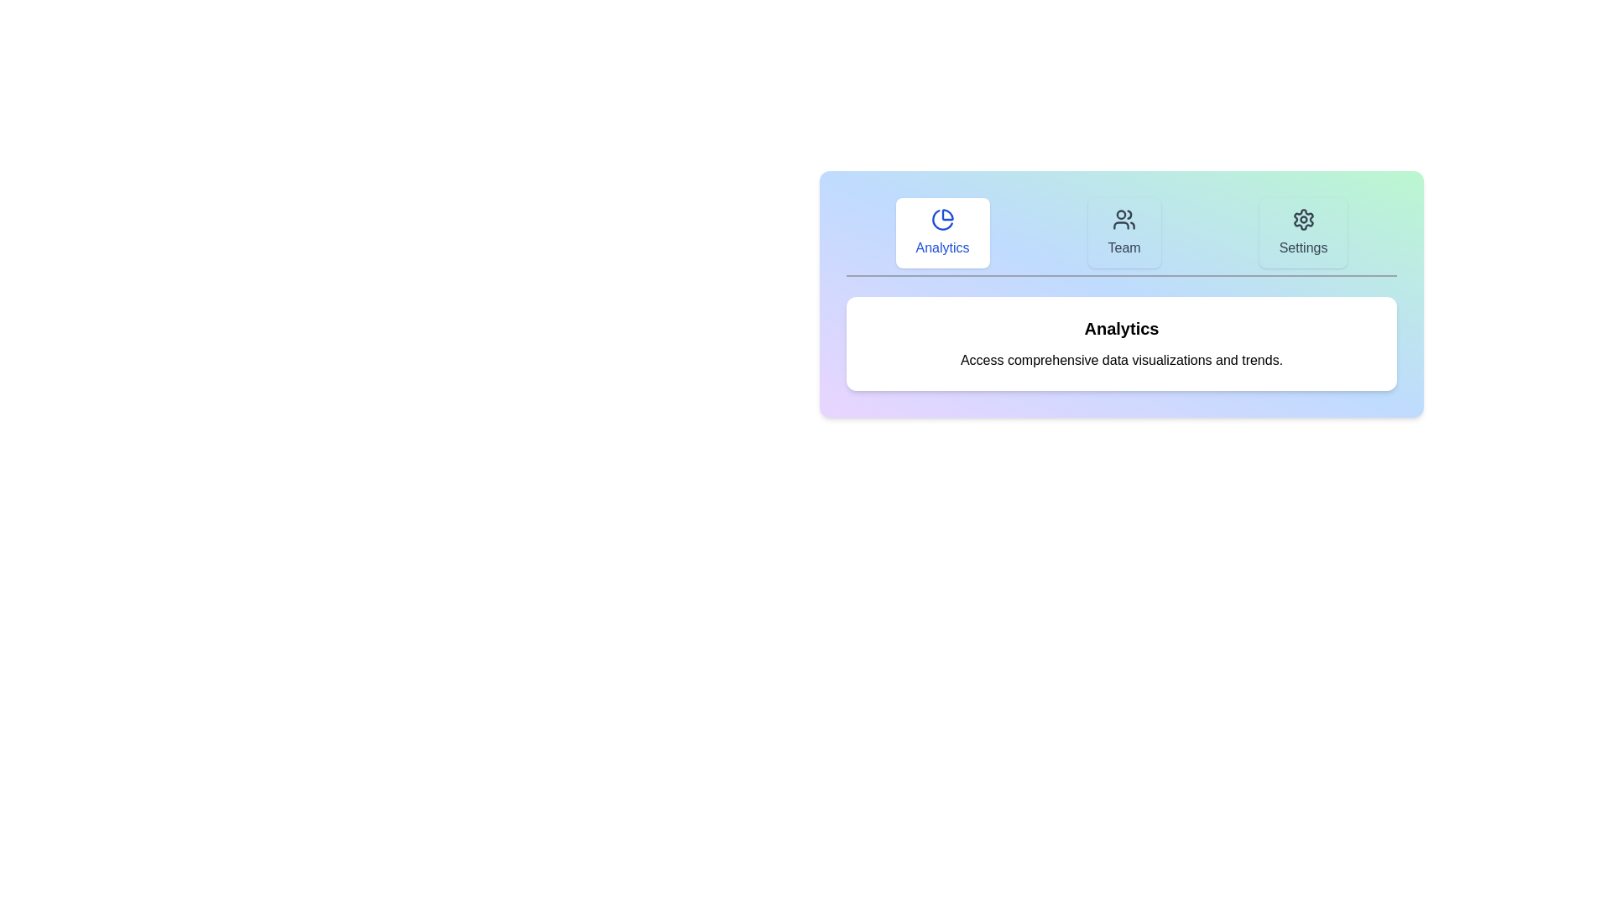  I want to click on the 'Settings' tab to activate it and view its content, so click(1302, 232).